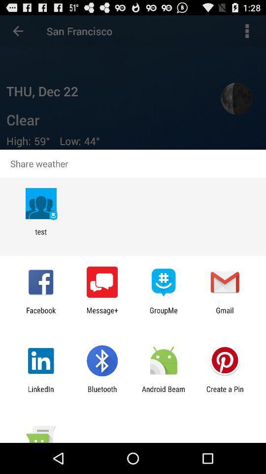 This screenshot has height=474, width=266. Describe the element at coordinates (164, 393) in the screenshot. I see `android beam` at that location.